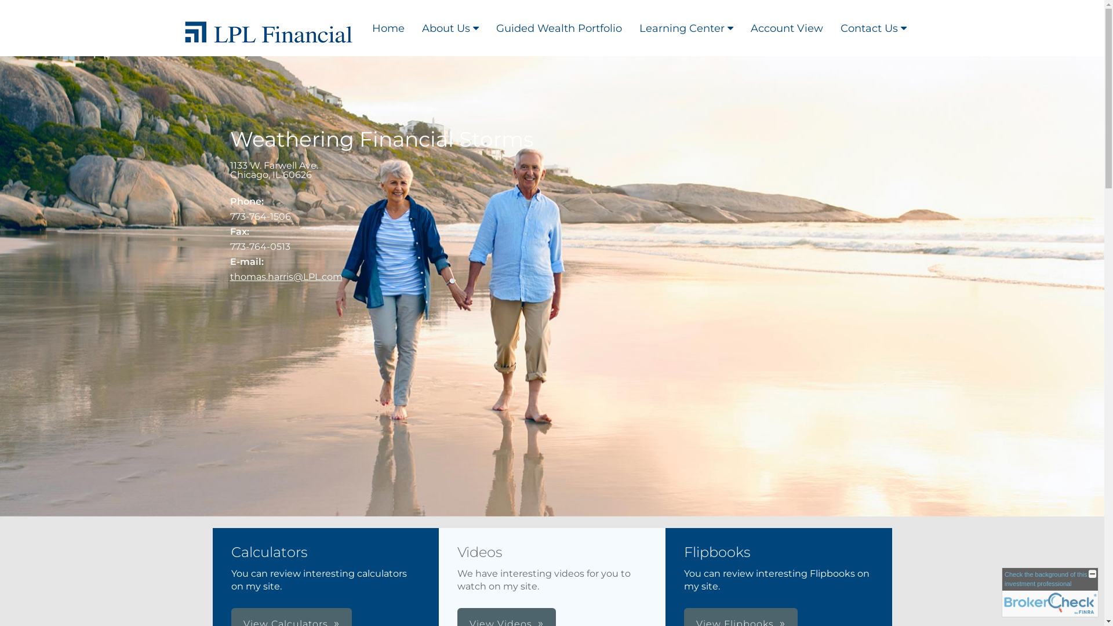  What do you see at coordinates (873, 27) in the screenshot?
I see `'Contact Us'` at bounding box center [873, 27].